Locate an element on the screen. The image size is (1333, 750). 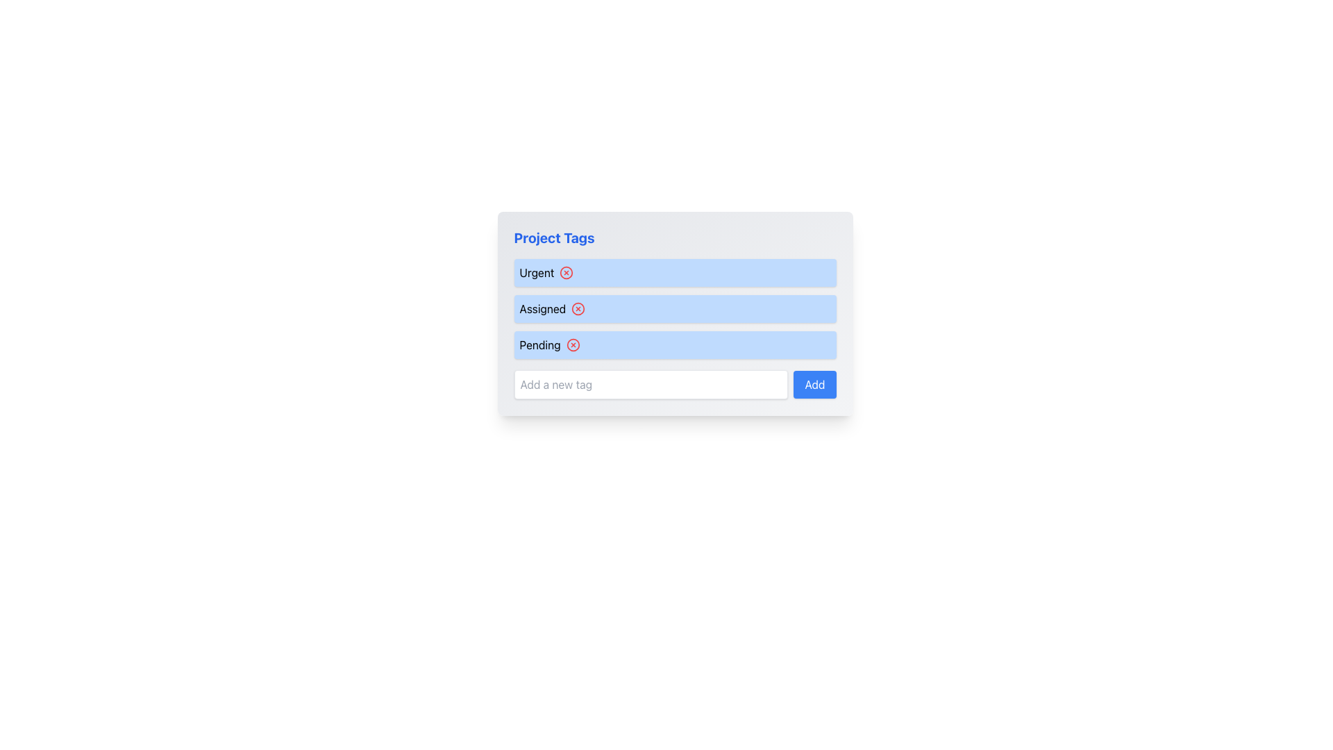
title text of the bold blue label displaying 'Project Tags', which is located at the top-left of the visible card above the list of tags is located at coordinates (553, 237).